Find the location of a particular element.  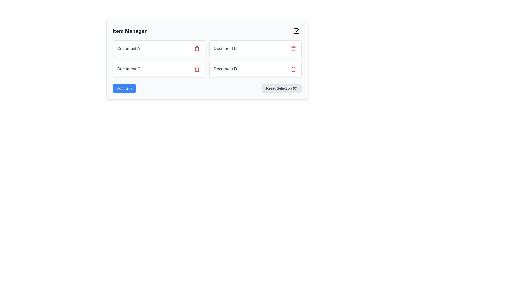

the reset button located to the right of the 'Add Item' button and perform a keyboard action is located at coordinates (281, 88).